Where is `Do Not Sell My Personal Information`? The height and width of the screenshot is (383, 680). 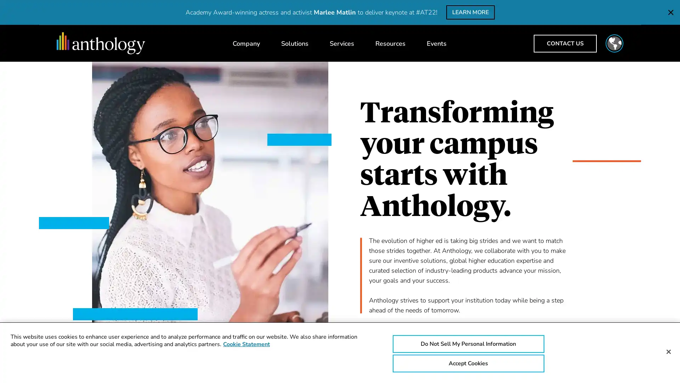 Do Not Sell My Personal Information is located at coordinates (468, 343).